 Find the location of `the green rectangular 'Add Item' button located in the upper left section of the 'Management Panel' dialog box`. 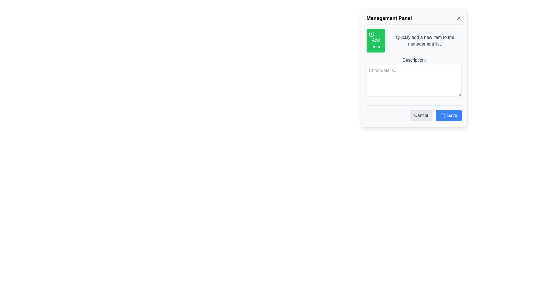

the green rectangular 'Add Item' button located in the upper left section of the 'Management Panel' dialog box is located at coordinates (376, 40).